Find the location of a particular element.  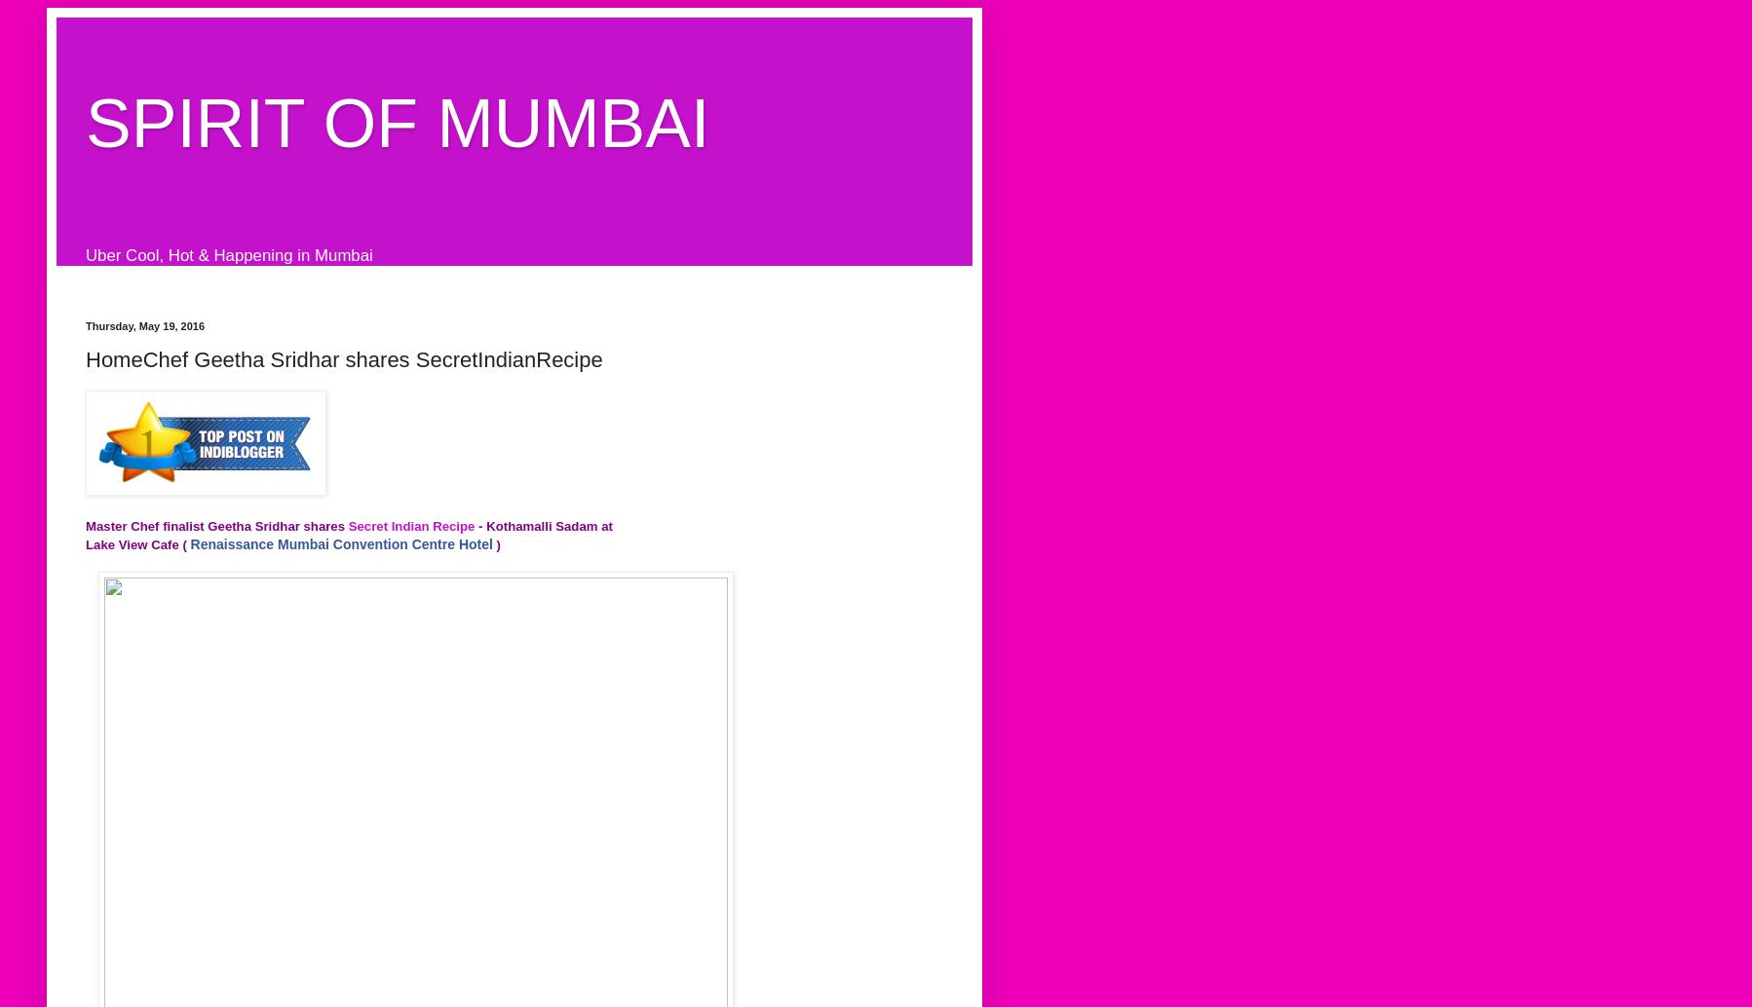

'Master Chef finalist Geetha Sridhar shares' is located at coordinates (216, 525).